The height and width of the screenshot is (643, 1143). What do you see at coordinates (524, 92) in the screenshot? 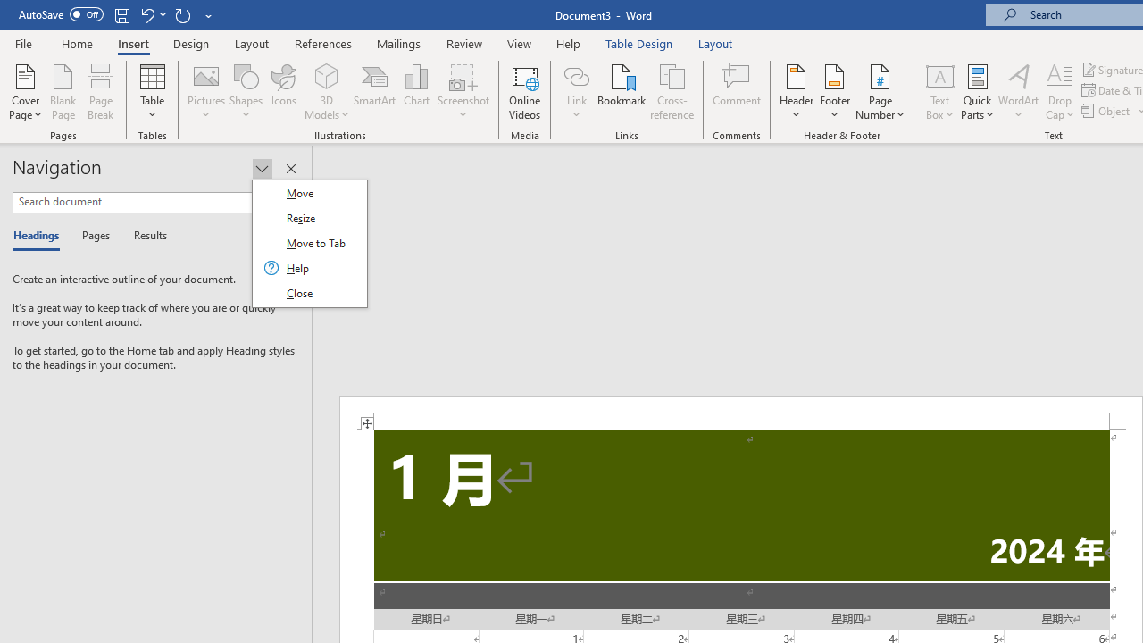
I see `'Online Videos...'` at bounding box center [524, 92].